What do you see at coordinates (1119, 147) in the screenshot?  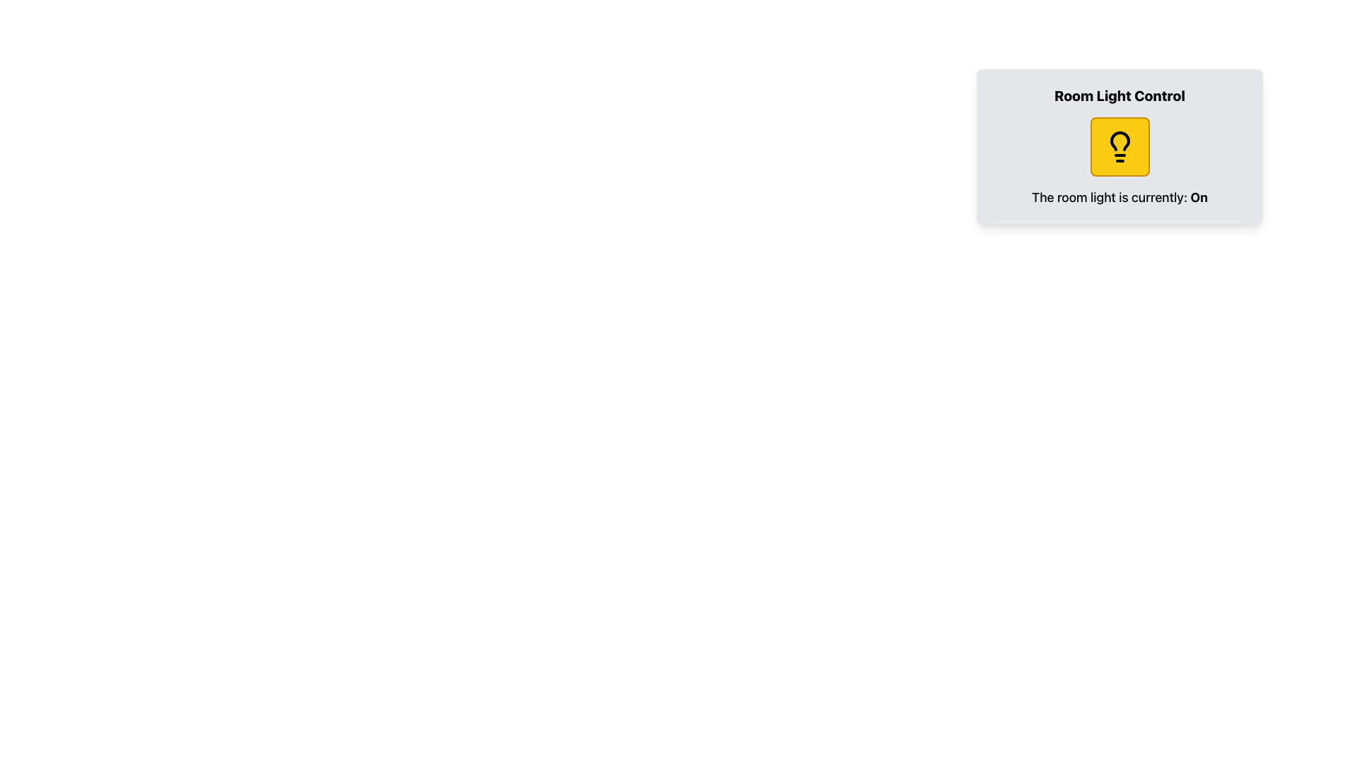 I see `the square-shaped button with a bright yellow background and a black lightbulb icon located in the 'Room Light Control' section` at bounding box center [1119, 147].